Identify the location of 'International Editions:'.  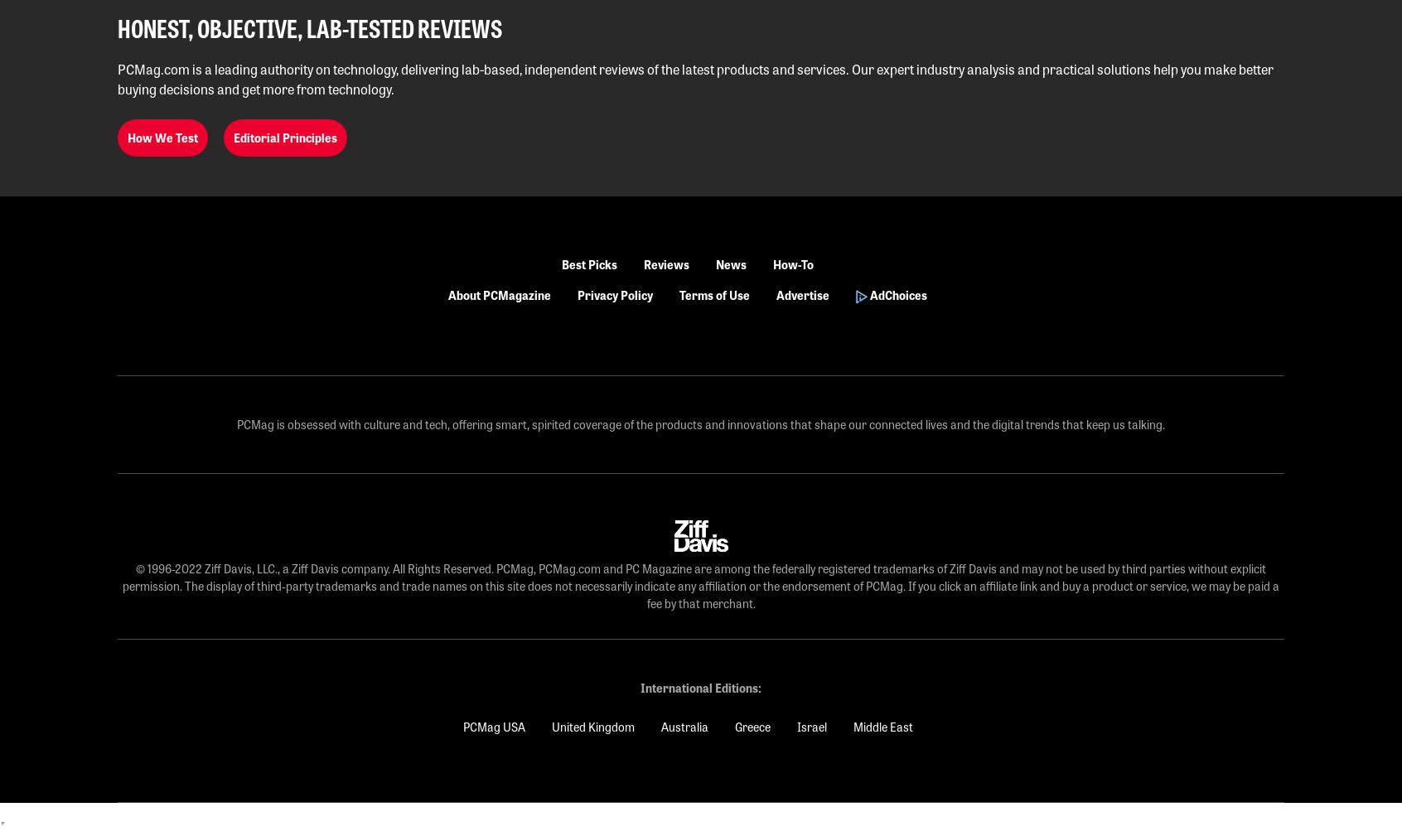
(701, 688).